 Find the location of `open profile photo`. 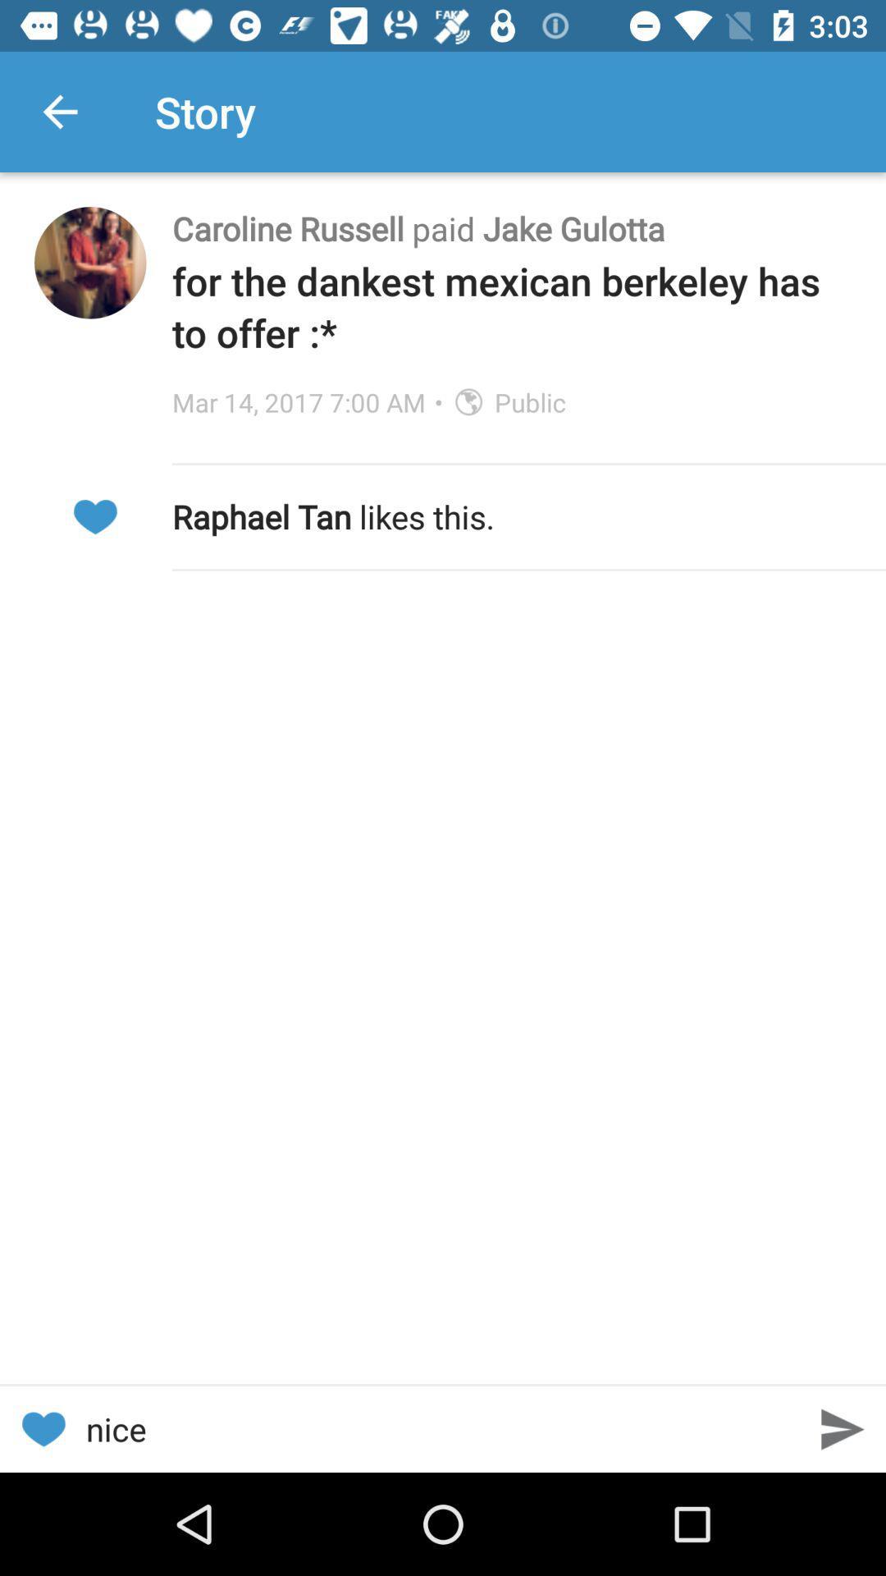

open profile photo is located at coordinates (90, 263).